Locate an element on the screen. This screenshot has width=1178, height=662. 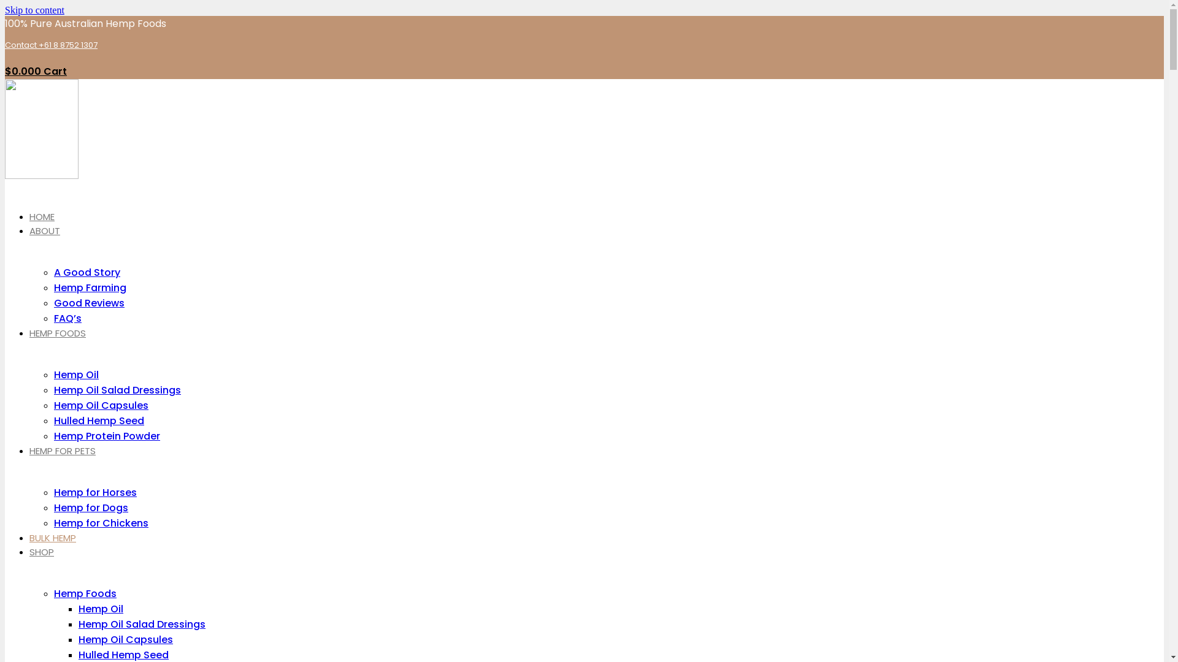
'Hemp for Dogs' is located at coordinates (90, 508).